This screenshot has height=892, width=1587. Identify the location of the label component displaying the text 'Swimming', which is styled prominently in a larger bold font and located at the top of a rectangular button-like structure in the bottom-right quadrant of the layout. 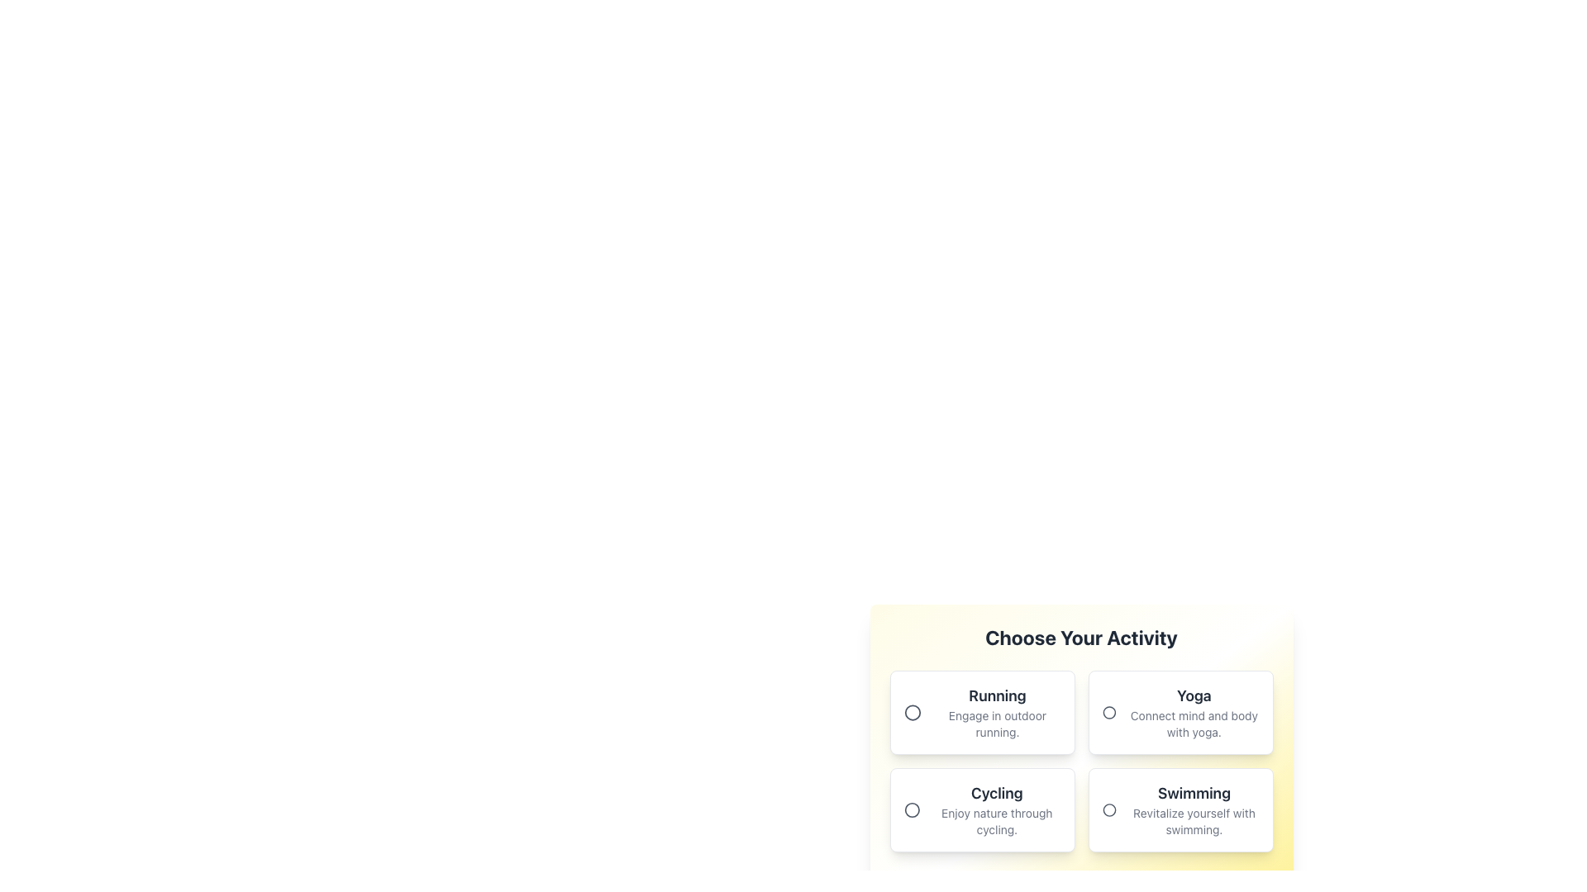
(1194, 792).